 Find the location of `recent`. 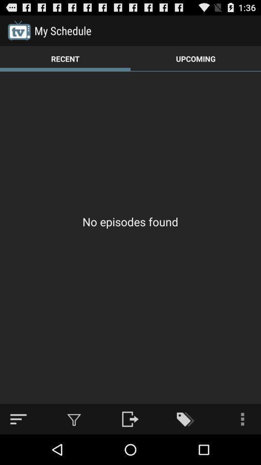

recent is located at coordinates (65, 58).